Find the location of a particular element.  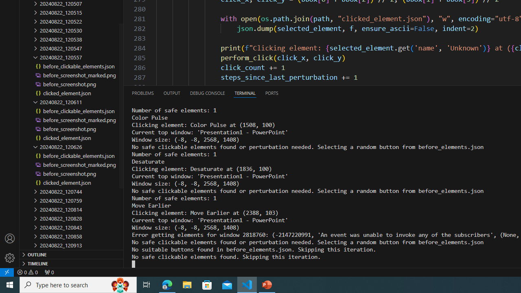

'Timeline Section' is located at coordinates (72, 263).